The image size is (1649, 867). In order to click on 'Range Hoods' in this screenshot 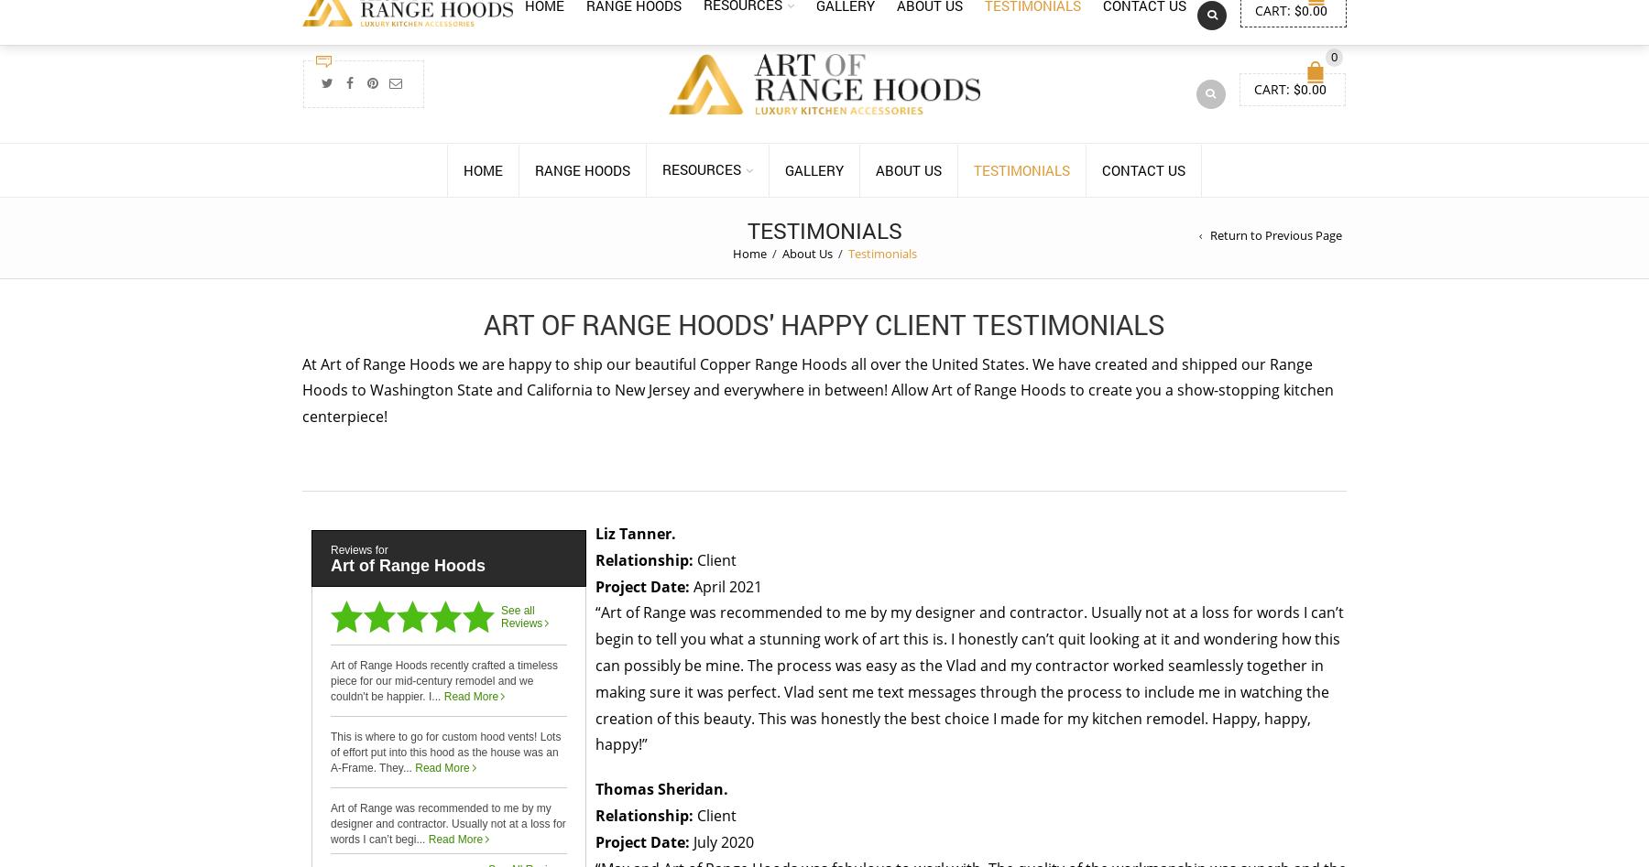, I will do `click(582, 168)`.